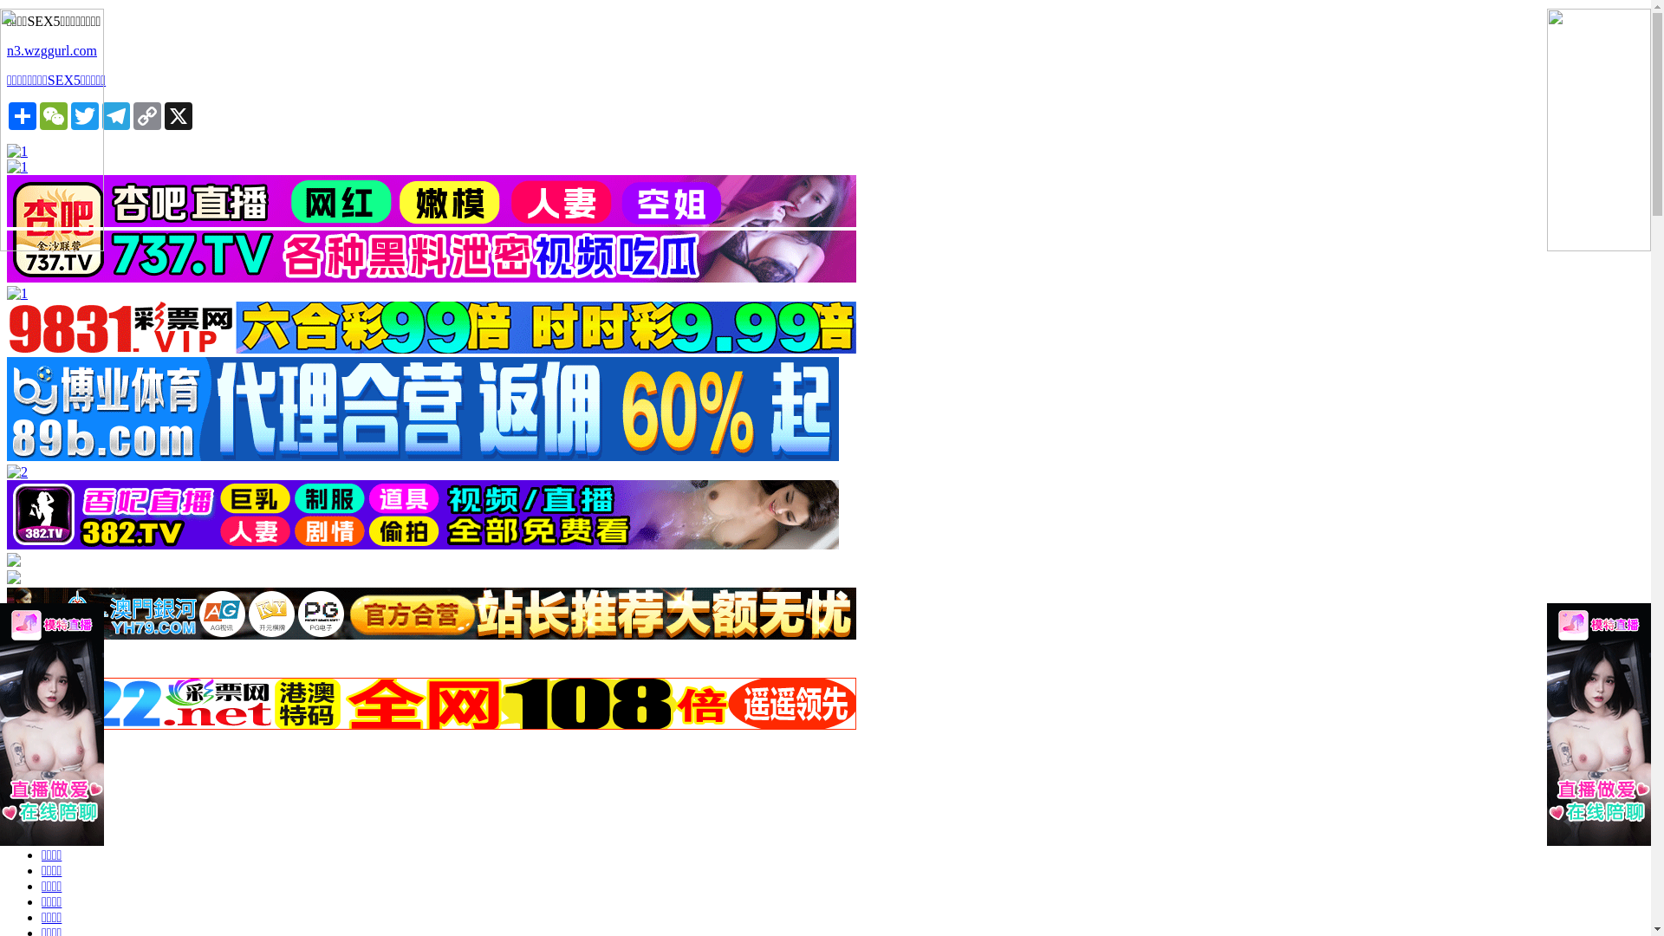 Image resolution: width=1664 pixels, height=936 pixels. What do you see at coordinates (7, 49) in the screenshot?
I see `'n3.wzggurl.com'` at bounding box center [7, 49].